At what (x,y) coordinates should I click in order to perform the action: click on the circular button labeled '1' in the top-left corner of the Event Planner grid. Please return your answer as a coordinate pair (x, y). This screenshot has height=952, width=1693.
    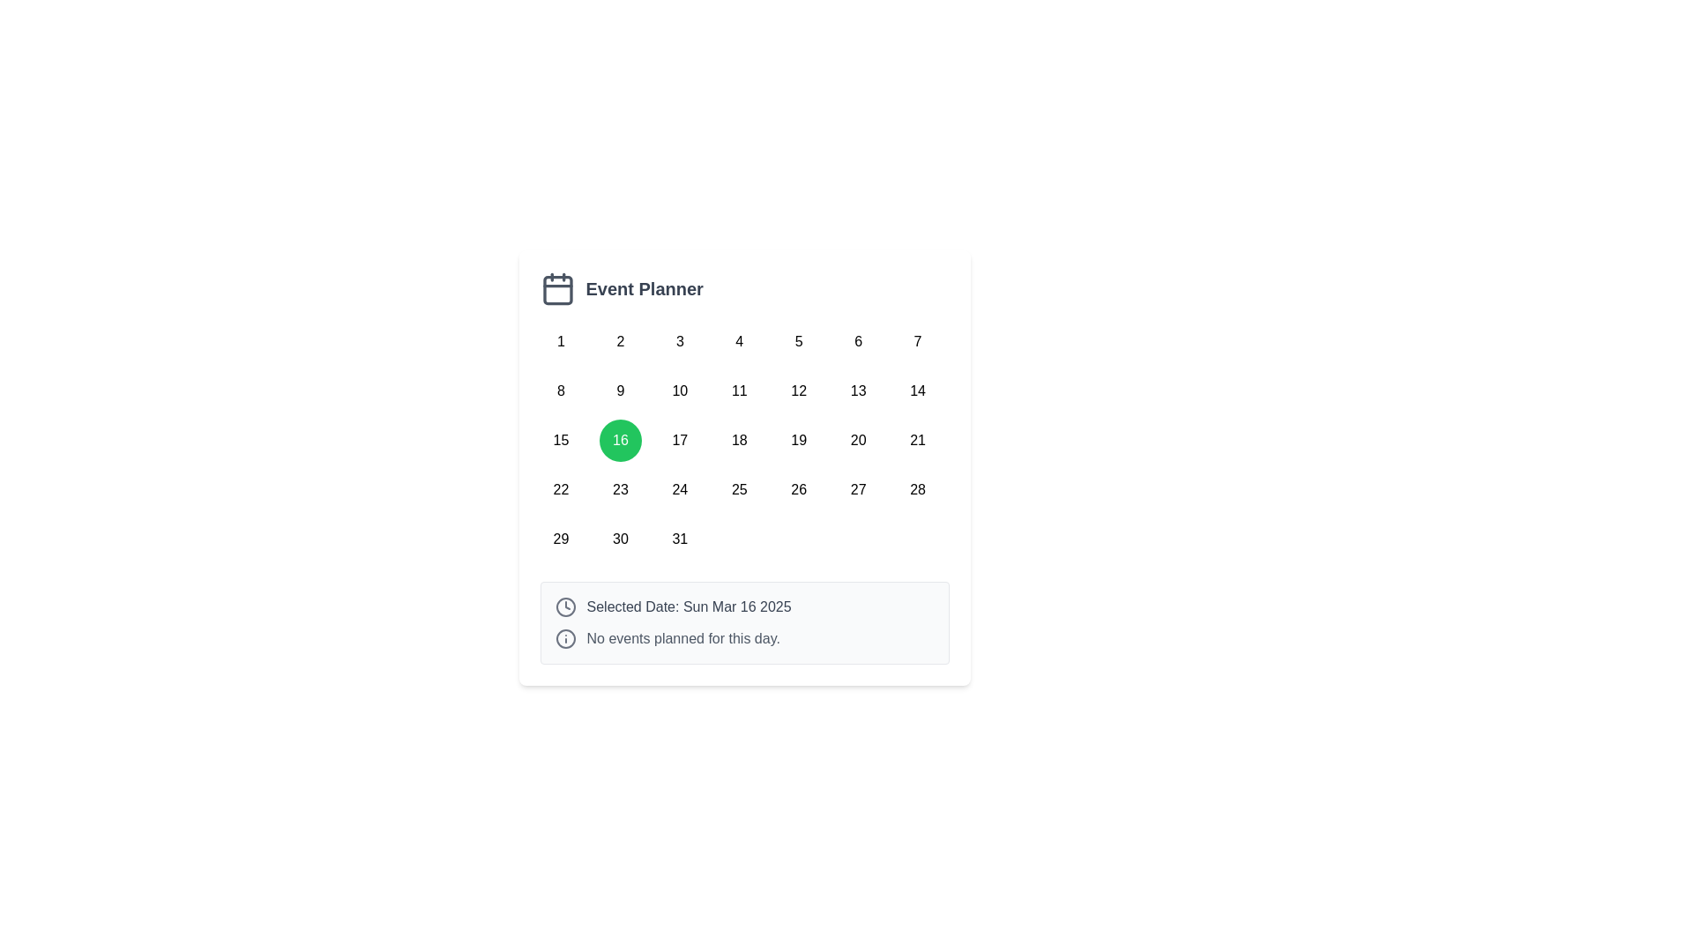
    Looking at the image, I should click on (560, 342).